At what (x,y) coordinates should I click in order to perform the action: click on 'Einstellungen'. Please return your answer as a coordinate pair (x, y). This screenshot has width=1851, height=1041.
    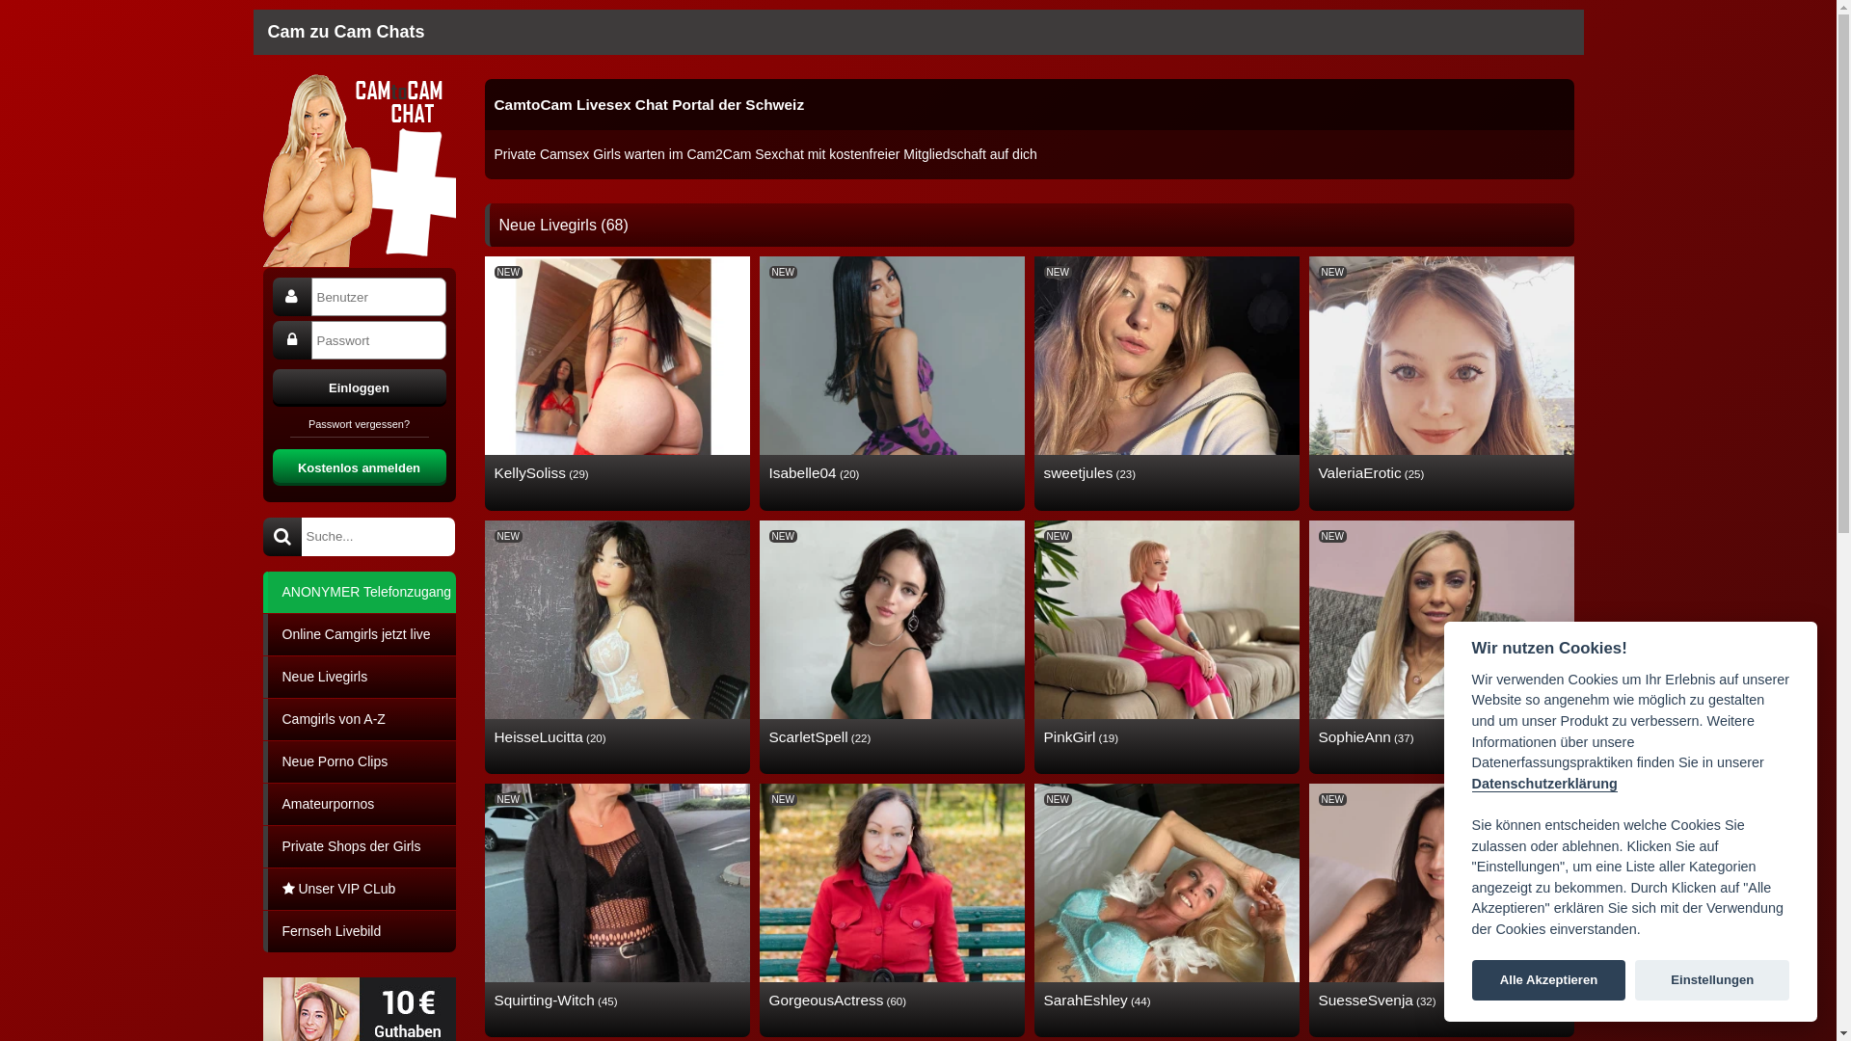
    Looking at the image, I should click on (1712, 980).